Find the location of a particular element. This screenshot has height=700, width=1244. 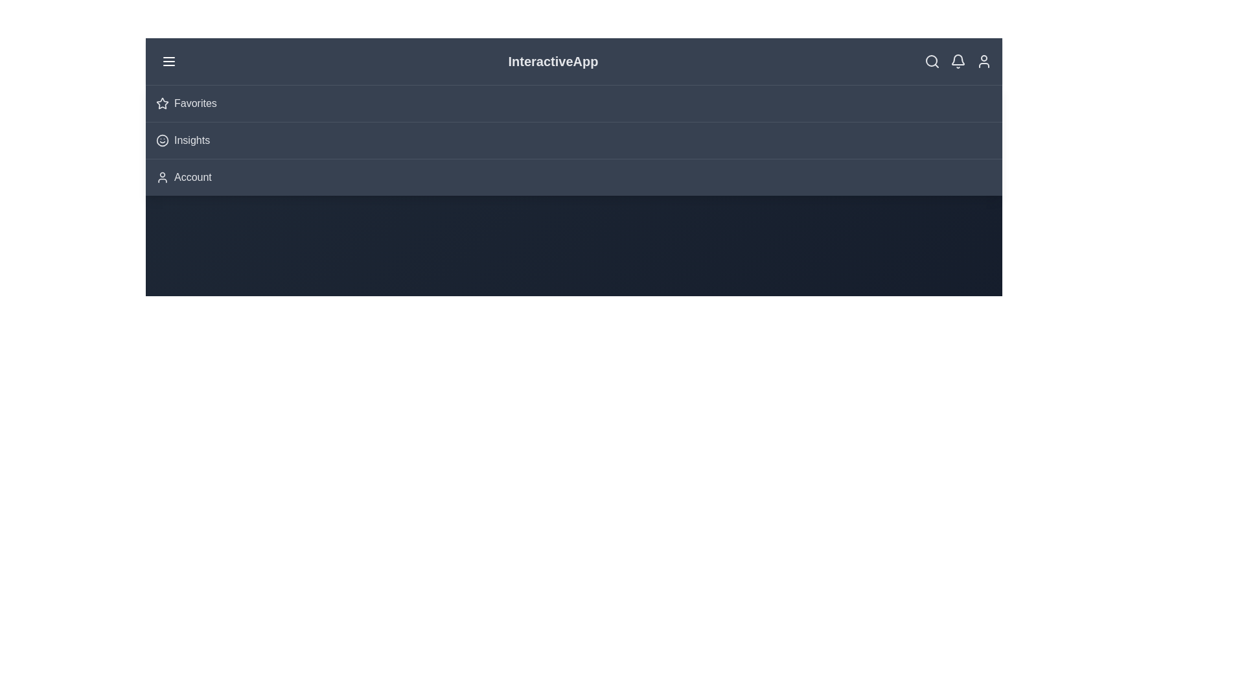

the menu button to toggle the visibility of the menu is located at coordinates (168, 62).